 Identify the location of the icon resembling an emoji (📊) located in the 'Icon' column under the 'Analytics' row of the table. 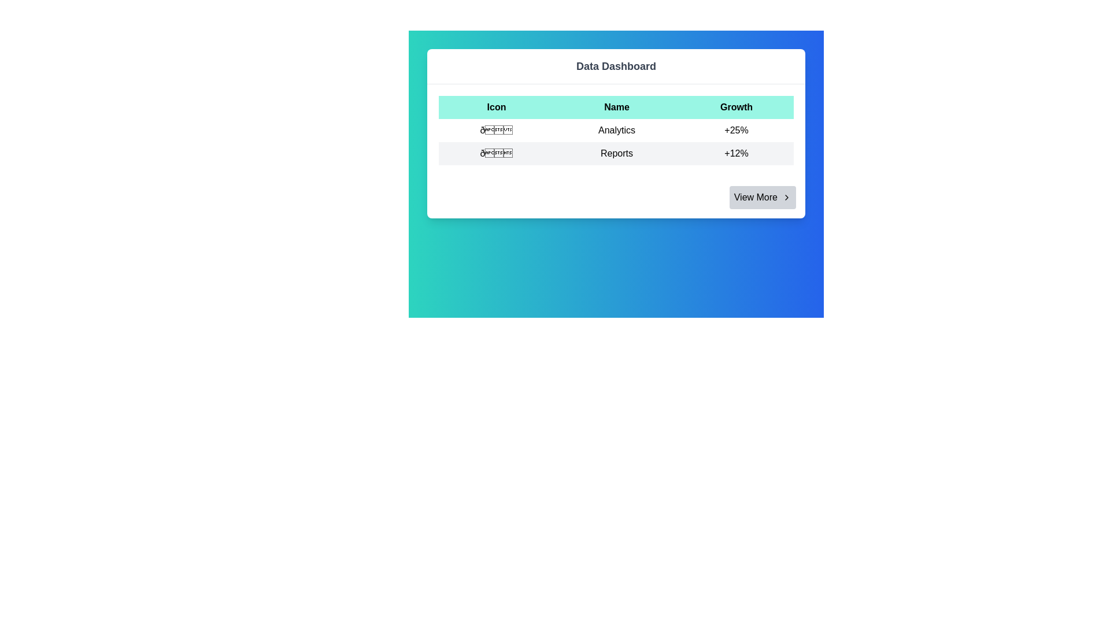
(497, 130).